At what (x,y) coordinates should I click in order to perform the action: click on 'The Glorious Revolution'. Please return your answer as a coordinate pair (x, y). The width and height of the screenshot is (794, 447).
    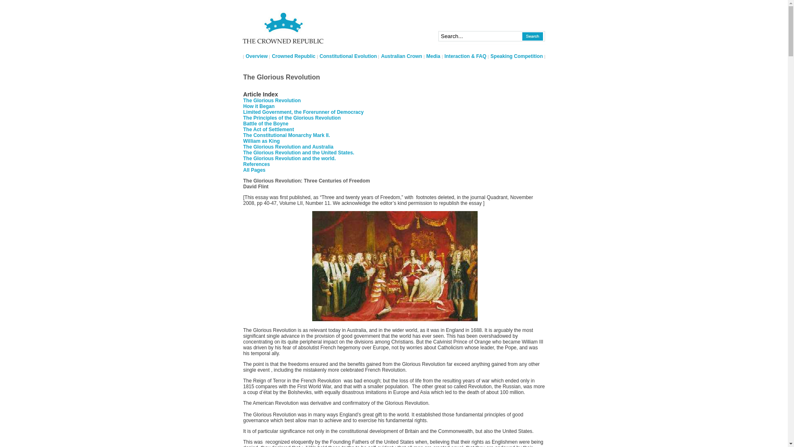
    Looking at the image, I should click on (272, 100).